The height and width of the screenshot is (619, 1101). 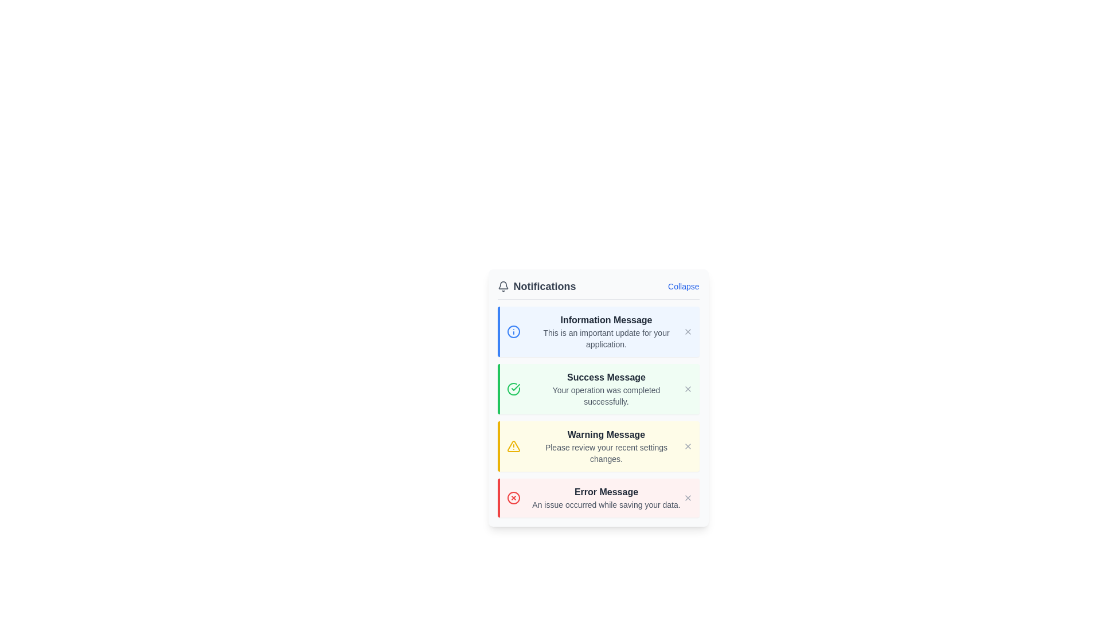 I want to click on confirmation or success message text from the notification component located in the center of a green-bordered notification card situated between the blue 'Information Message' card and the yellow 'Warning Message' card, so click(x=606, y=388).